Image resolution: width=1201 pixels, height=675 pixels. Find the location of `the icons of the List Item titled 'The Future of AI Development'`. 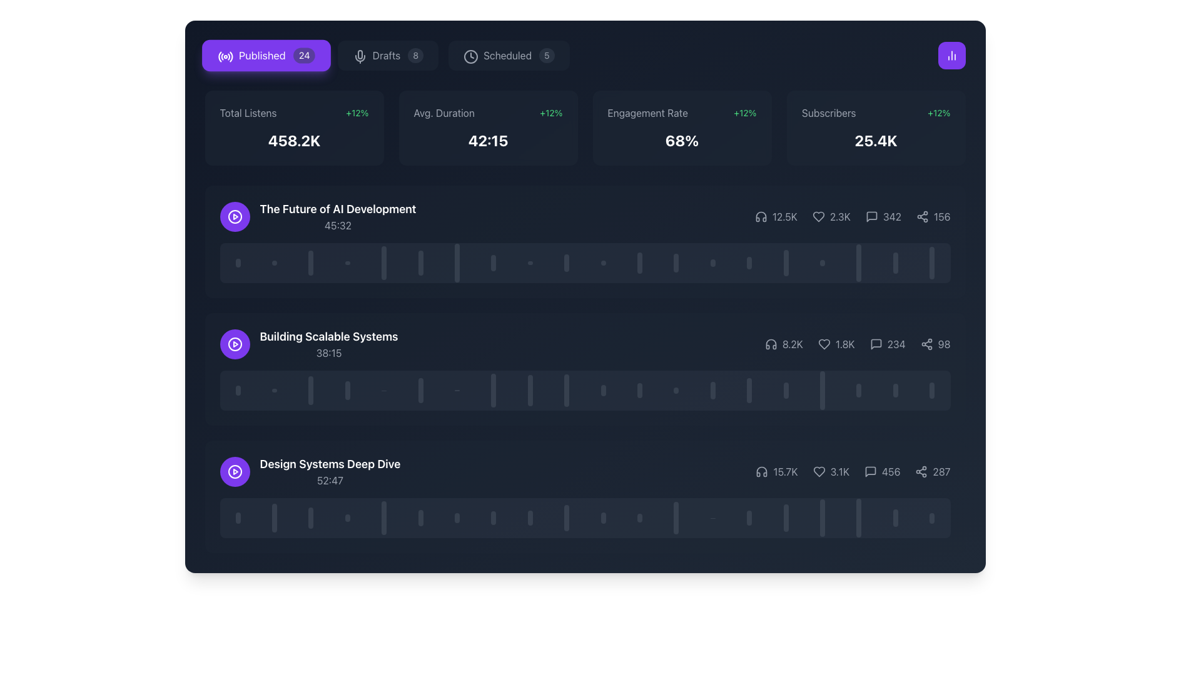

the icons of the List Item titled 'The Future of AI Development' is located at coordinates (584, 216).